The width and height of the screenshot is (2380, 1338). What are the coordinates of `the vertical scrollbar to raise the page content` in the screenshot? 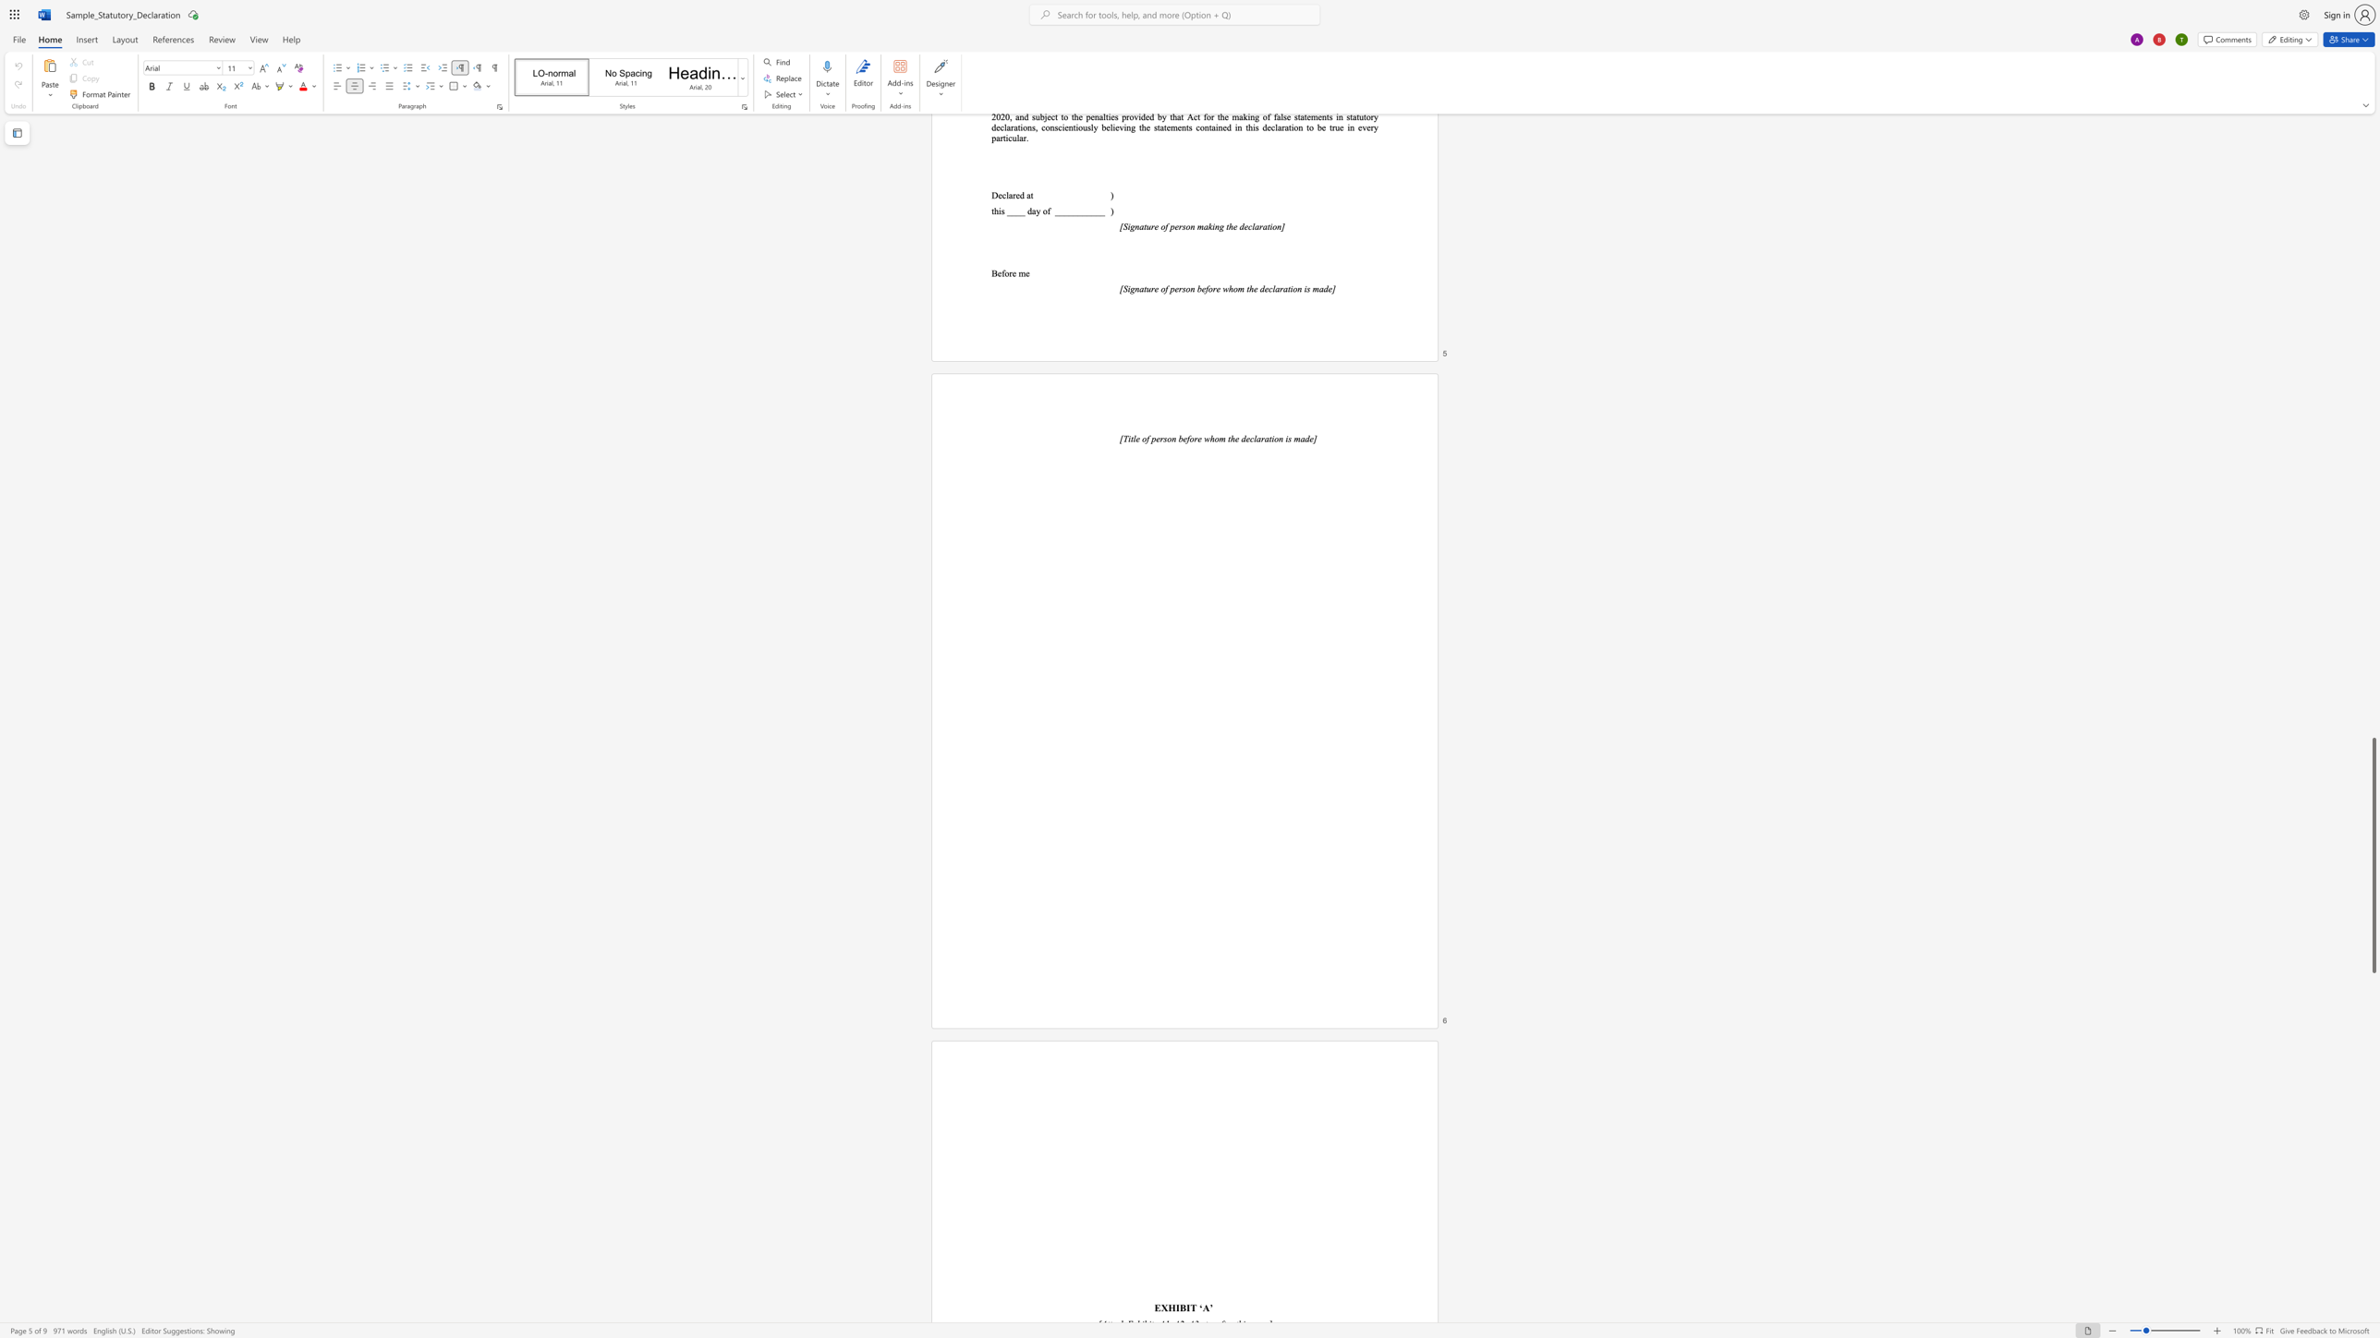 It's located at (2373, 693).